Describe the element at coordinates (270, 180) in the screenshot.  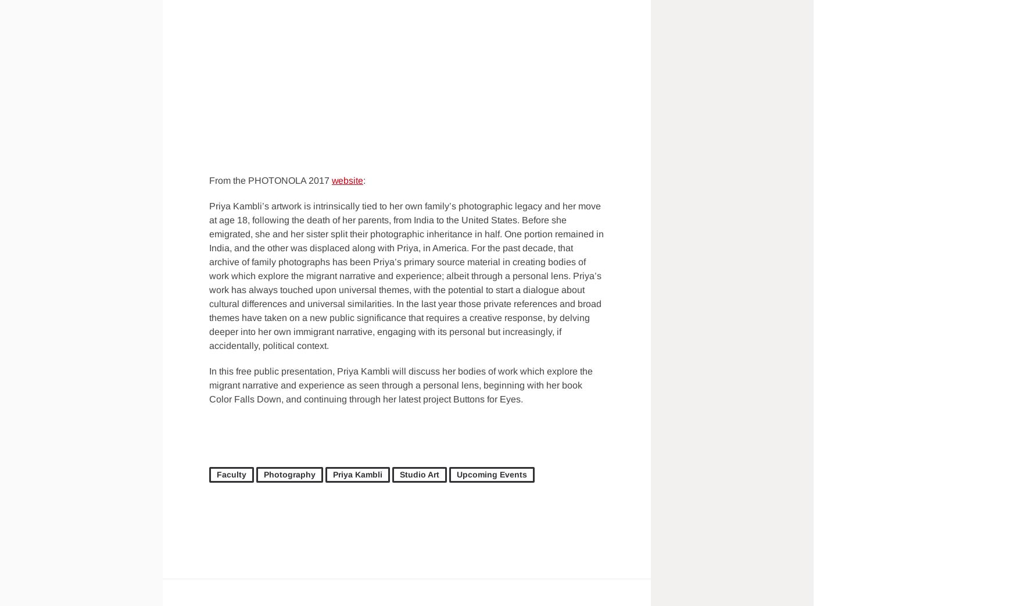
I see `'From the PHOTONOLA 2017'` at that location.